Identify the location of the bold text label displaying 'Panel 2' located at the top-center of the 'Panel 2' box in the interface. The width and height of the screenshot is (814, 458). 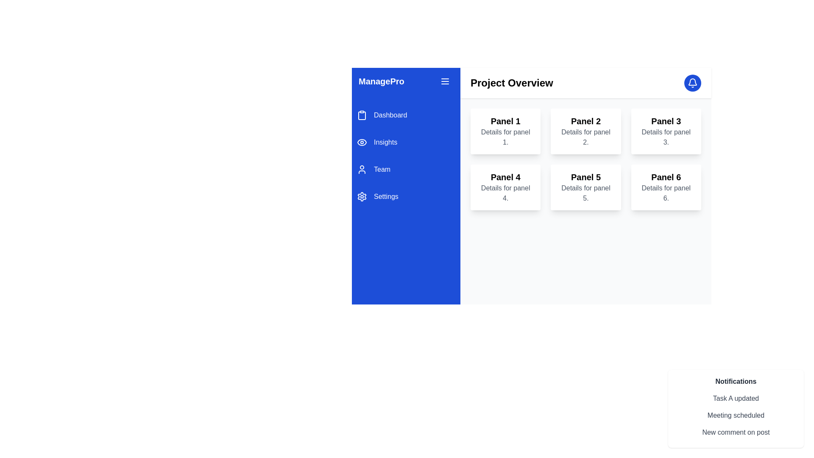
(585, 121).